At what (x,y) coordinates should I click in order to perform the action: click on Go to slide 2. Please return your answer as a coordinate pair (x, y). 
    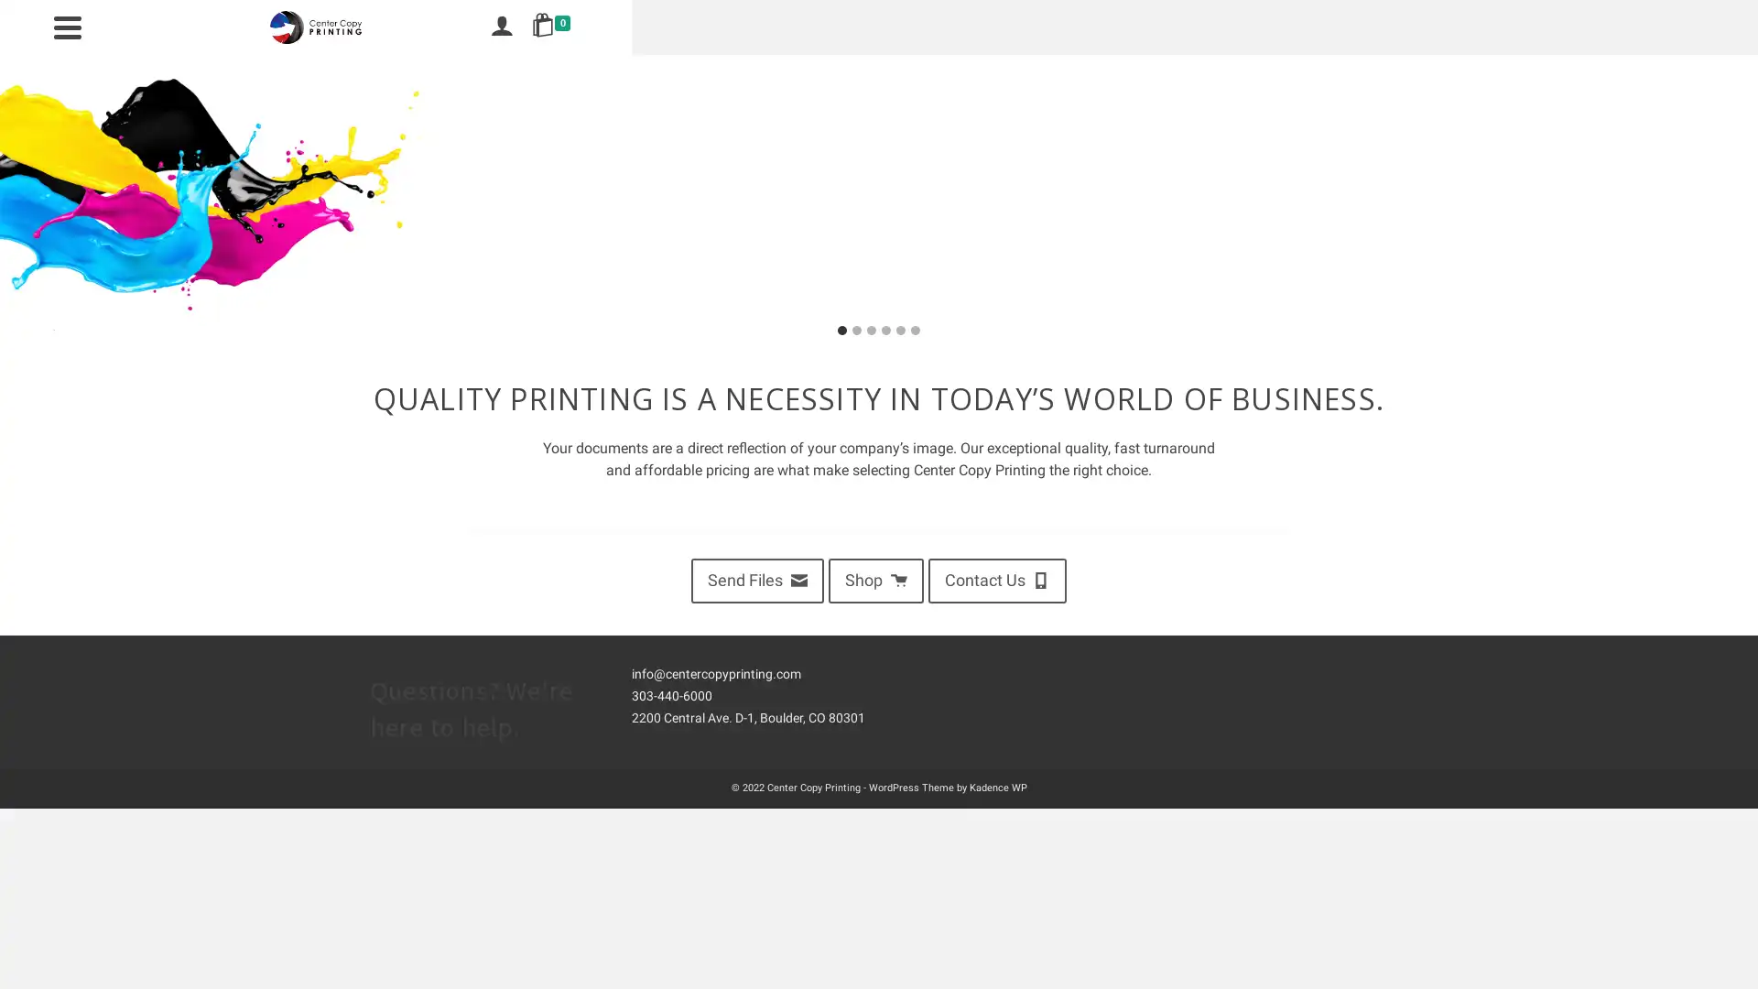
    Looking at the image, I should click on (855, 448).